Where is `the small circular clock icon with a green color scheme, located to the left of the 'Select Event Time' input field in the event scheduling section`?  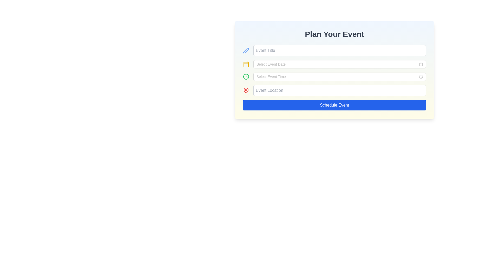
the small circular clock icon with a green color scheme, located to the left of the 'Select Event Time' input field in the event scheduling section is located at coordinates (246, 77).